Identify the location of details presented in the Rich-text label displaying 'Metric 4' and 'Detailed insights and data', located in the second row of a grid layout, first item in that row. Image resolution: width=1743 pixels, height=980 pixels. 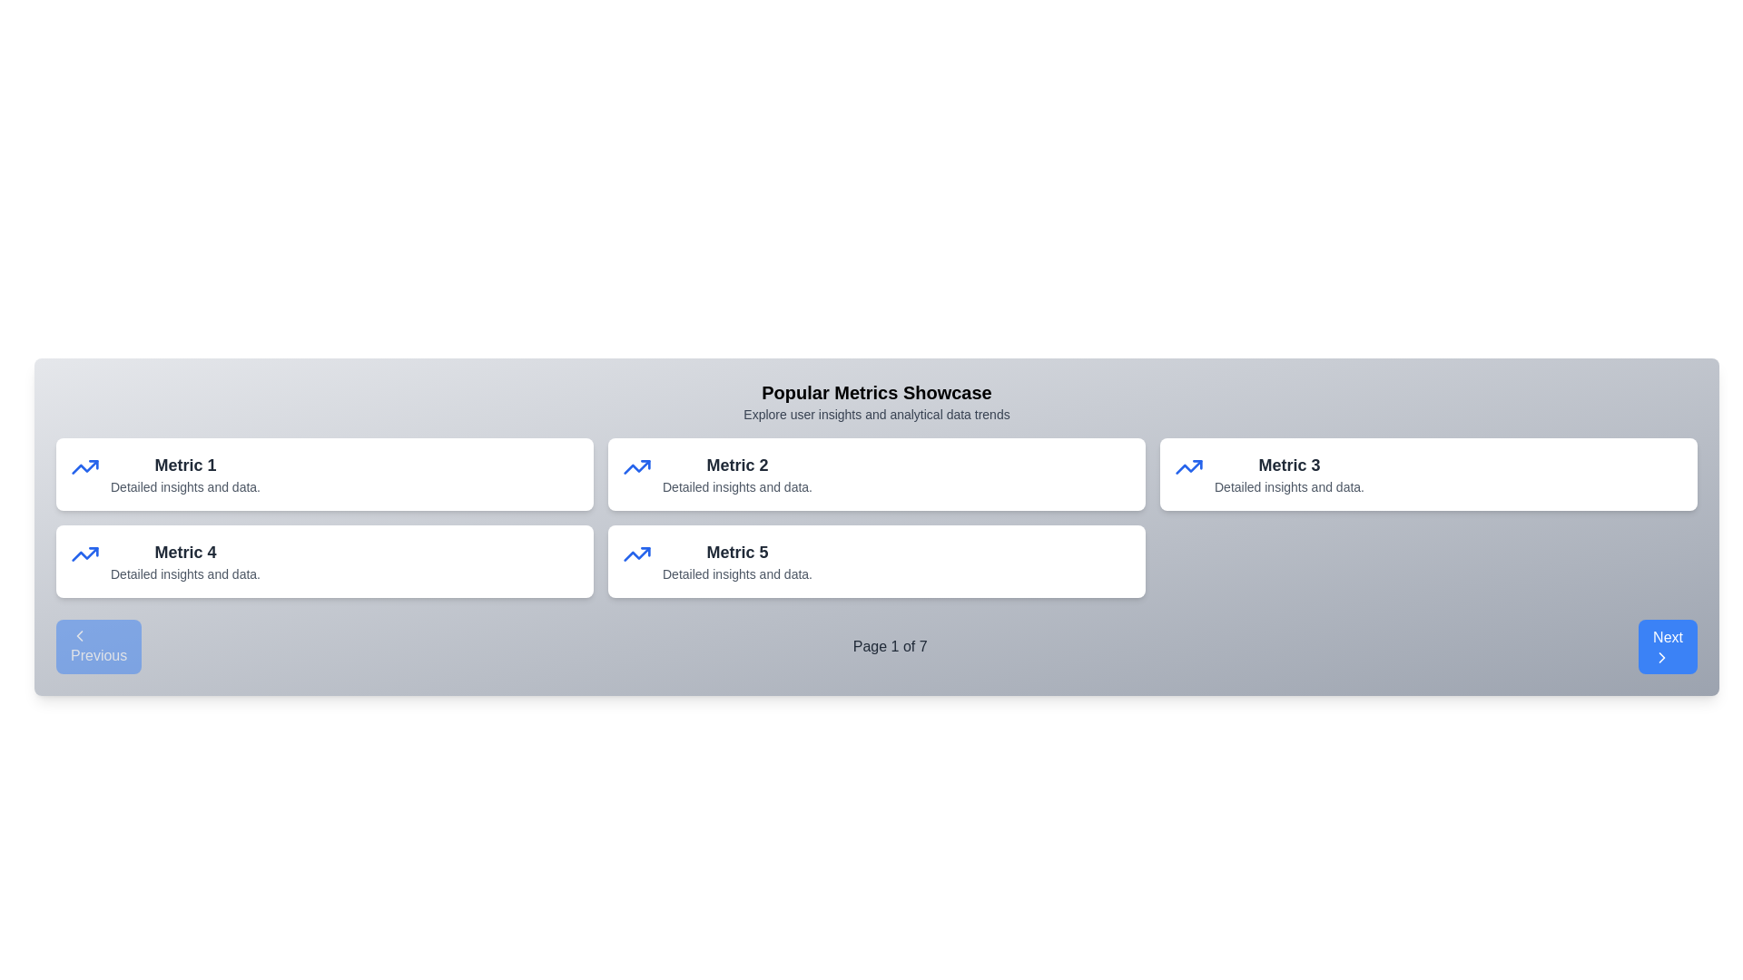
(180, 560).